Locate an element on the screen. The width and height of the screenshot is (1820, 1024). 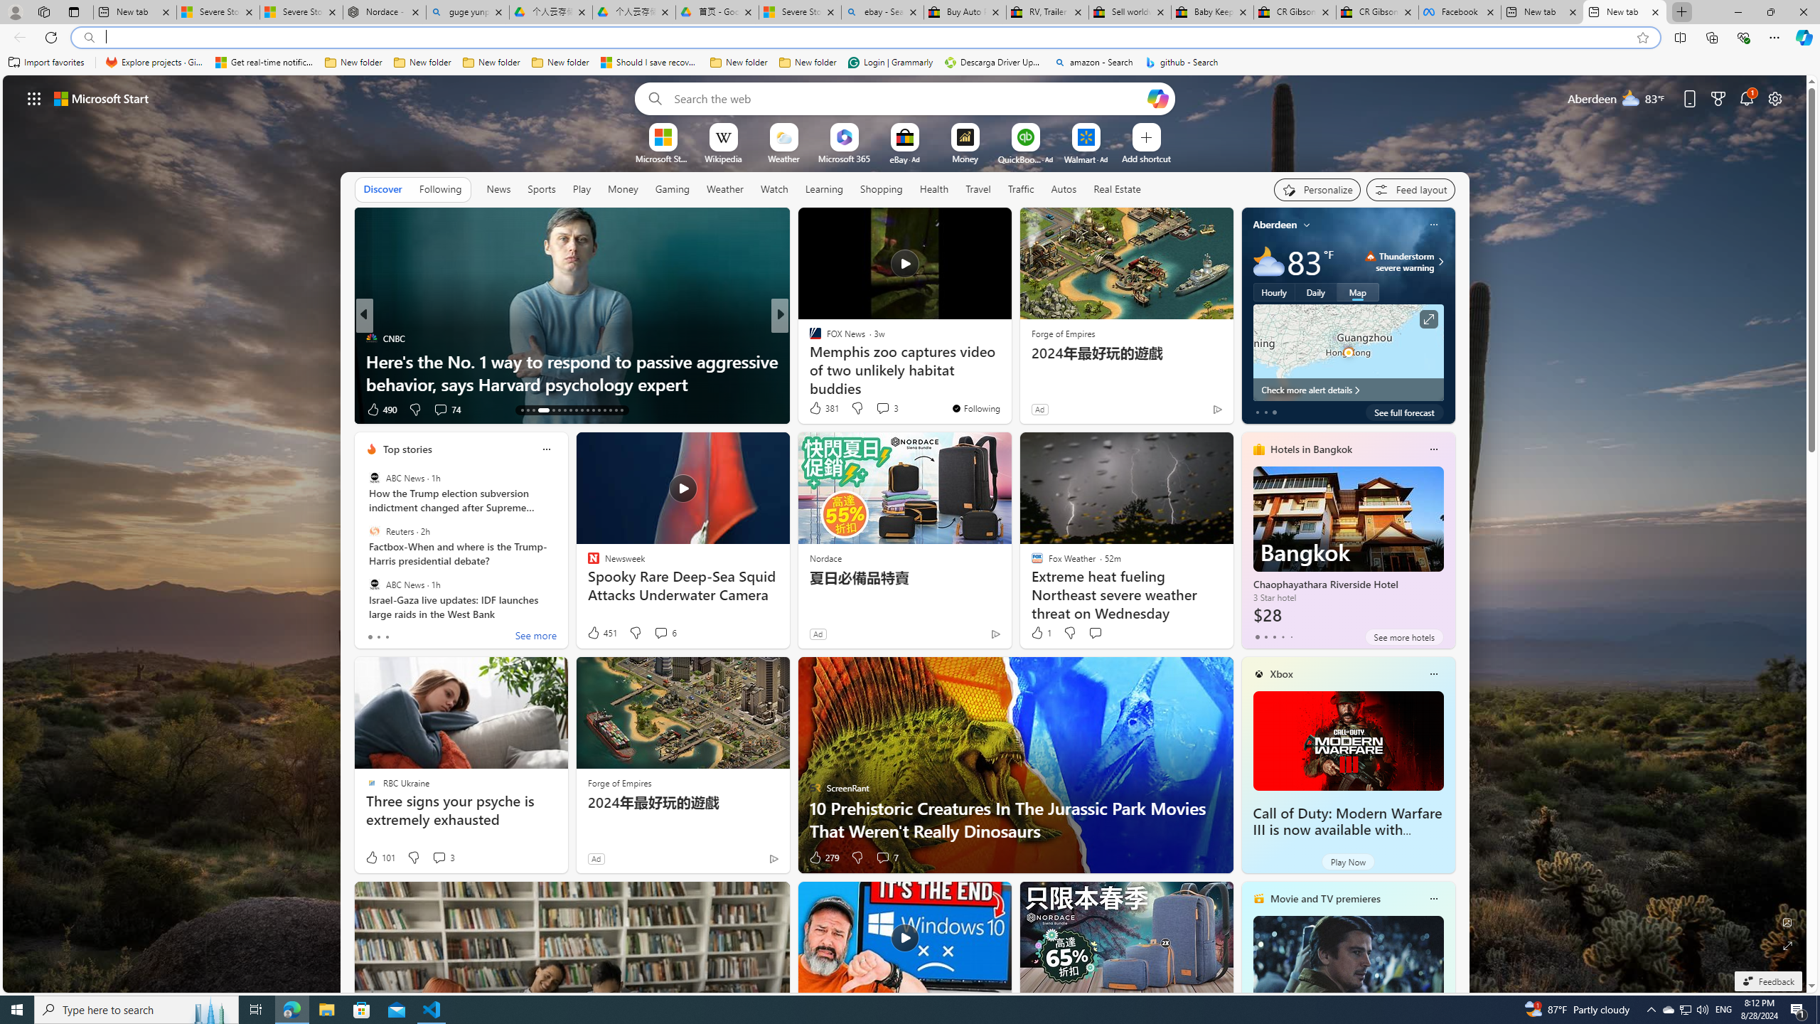
'Tropics waking up in September' is located at coordinates (1008, 384).